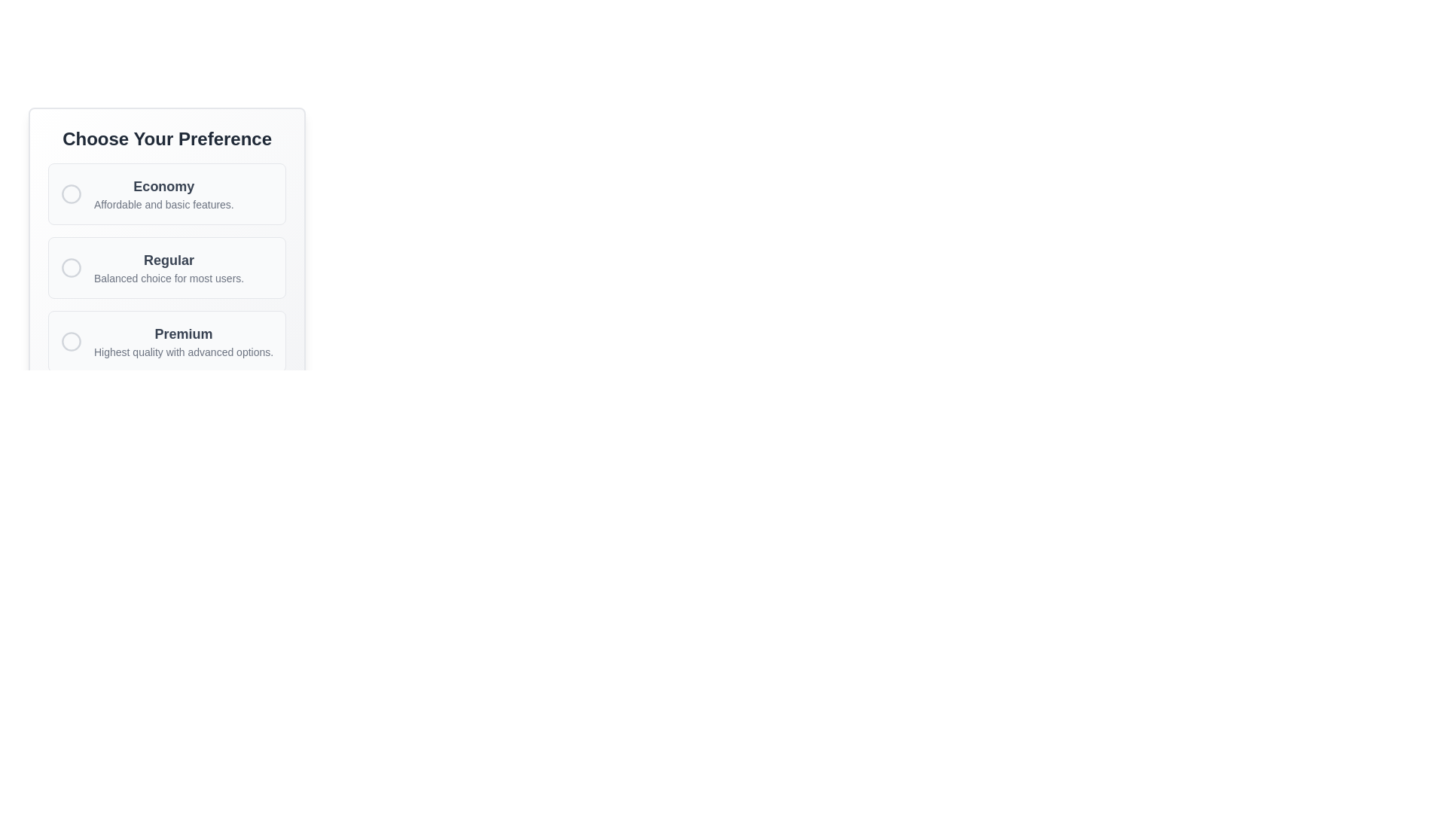  What do you see at coordinates (71, 193) in the screenshot?
I see `the SVG Circle element indicating the state of the 'Economy' radio button located in the options menu` at bounding box center [71, 193].